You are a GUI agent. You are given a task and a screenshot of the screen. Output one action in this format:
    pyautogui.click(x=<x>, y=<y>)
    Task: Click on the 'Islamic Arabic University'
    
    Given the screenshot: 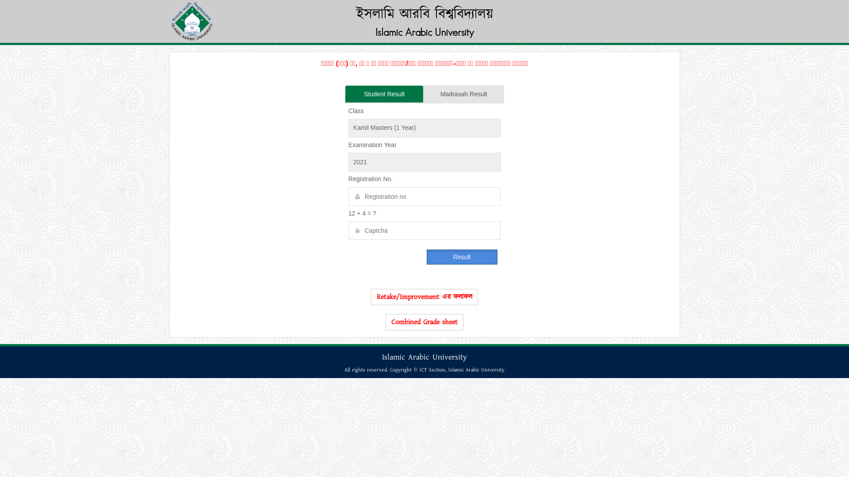 What is the action you would take?
    pyautogui.click(x=476, y=370)
    